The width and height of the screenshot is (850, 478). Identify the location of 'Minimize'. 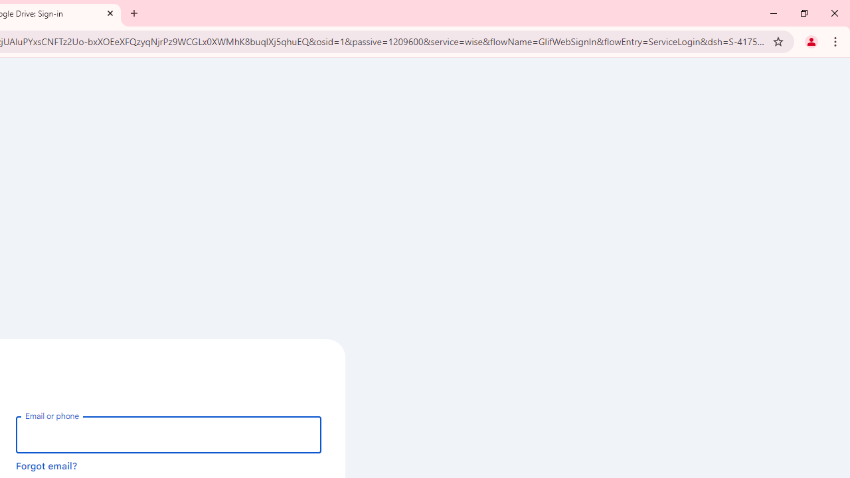
(774, 13).